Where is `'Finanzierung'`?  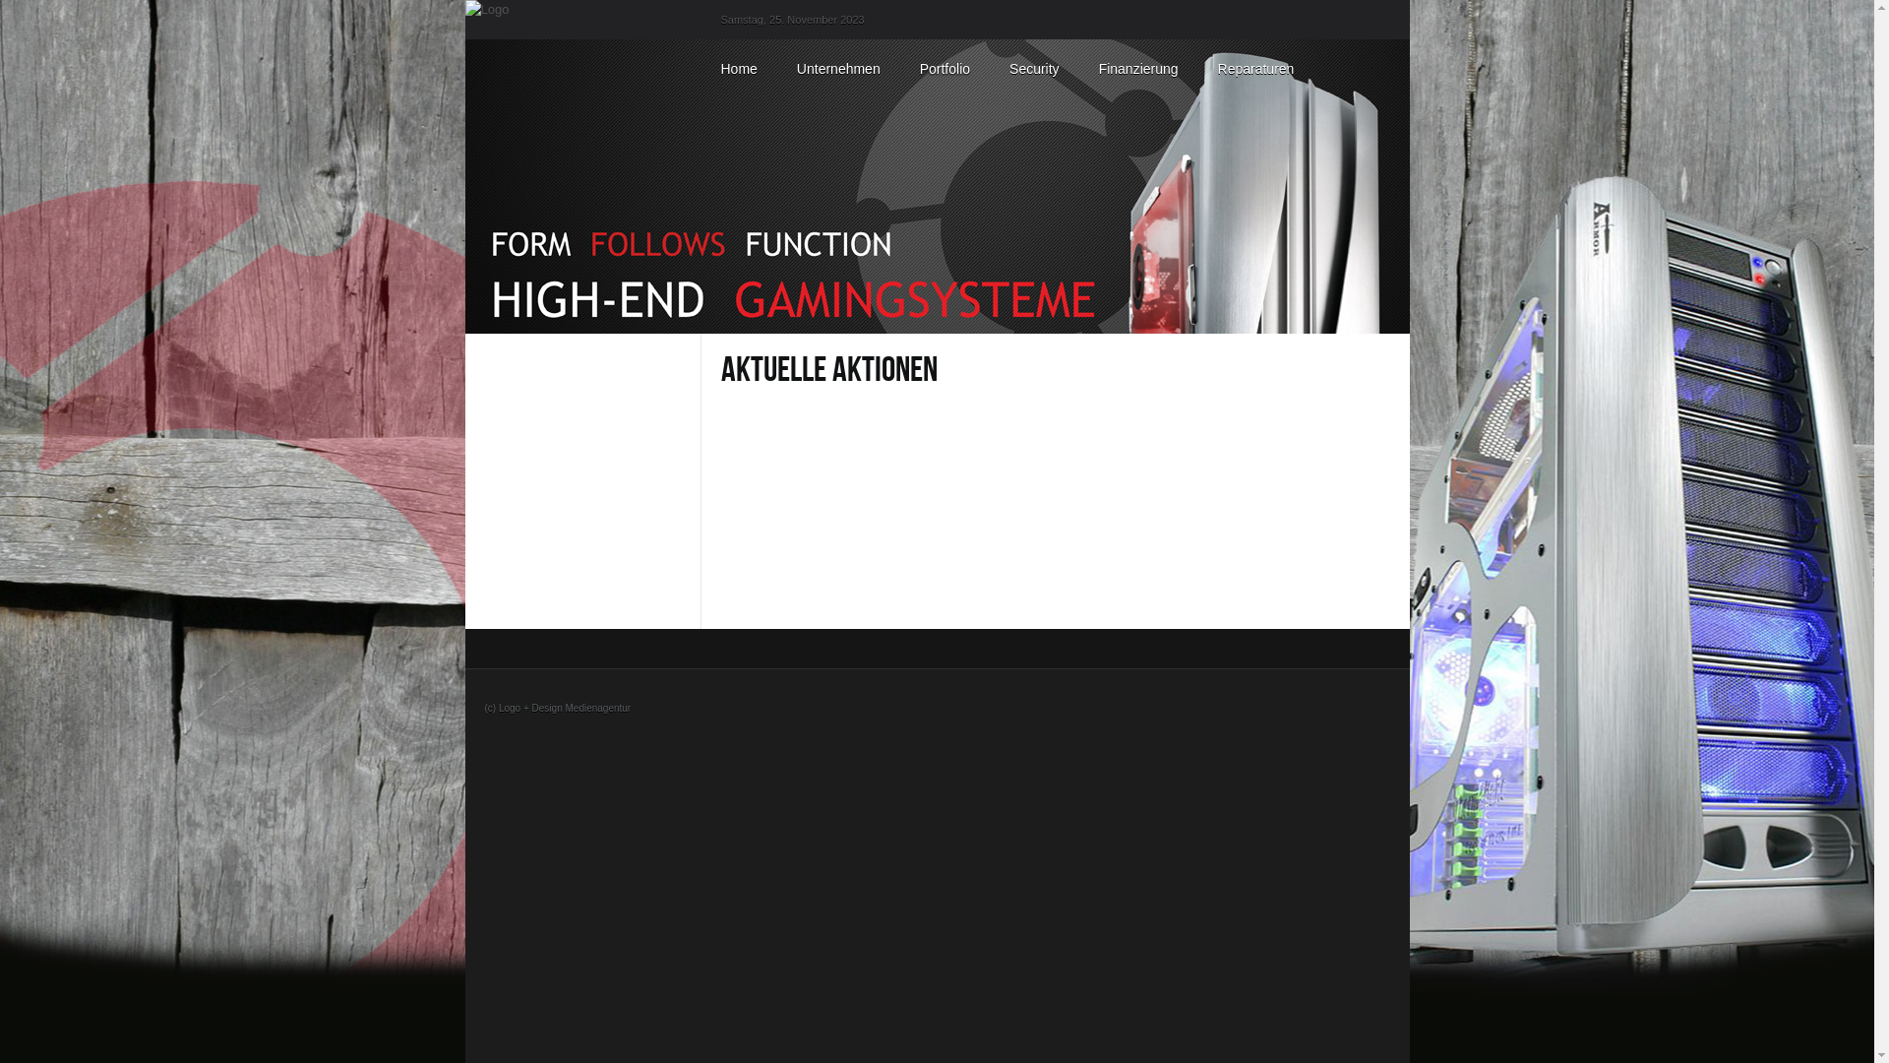 'Finanzierung' is located at coordinates (1138, 67).